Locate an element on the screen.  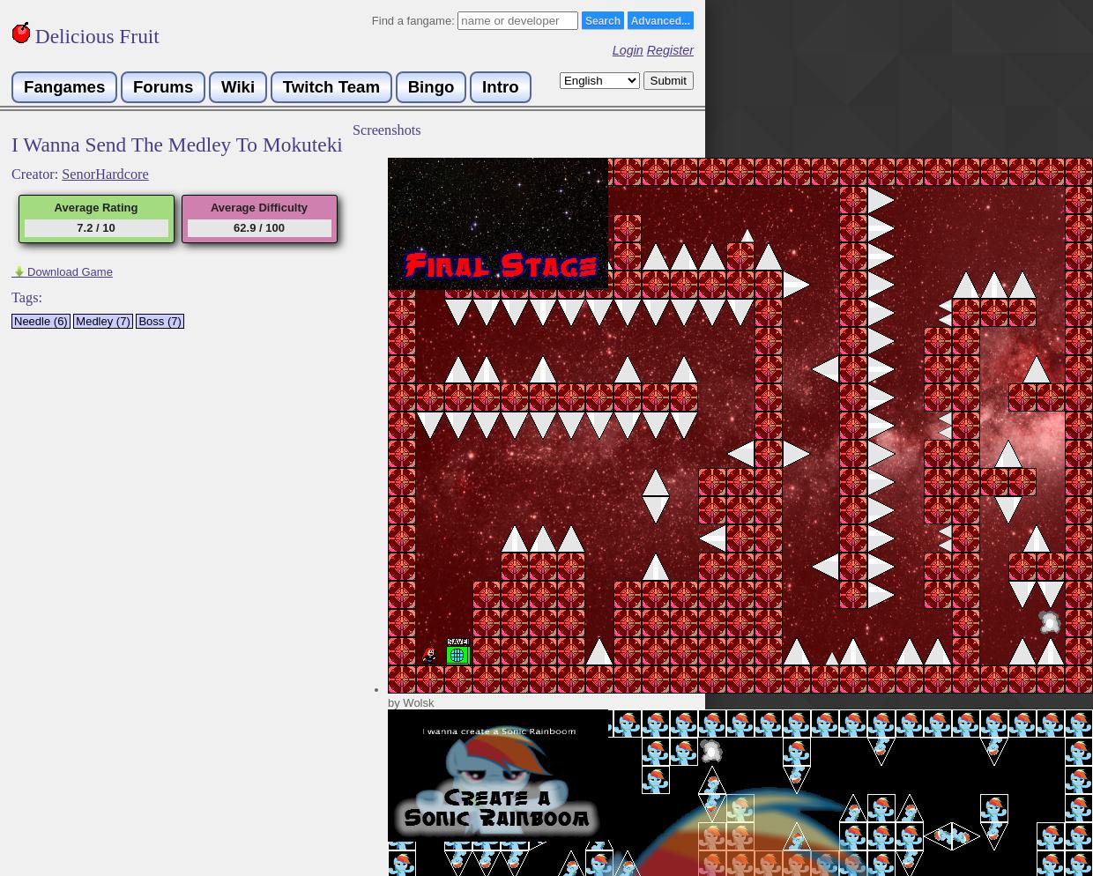
'Twitch Team' is located at coordinates (330, 86).